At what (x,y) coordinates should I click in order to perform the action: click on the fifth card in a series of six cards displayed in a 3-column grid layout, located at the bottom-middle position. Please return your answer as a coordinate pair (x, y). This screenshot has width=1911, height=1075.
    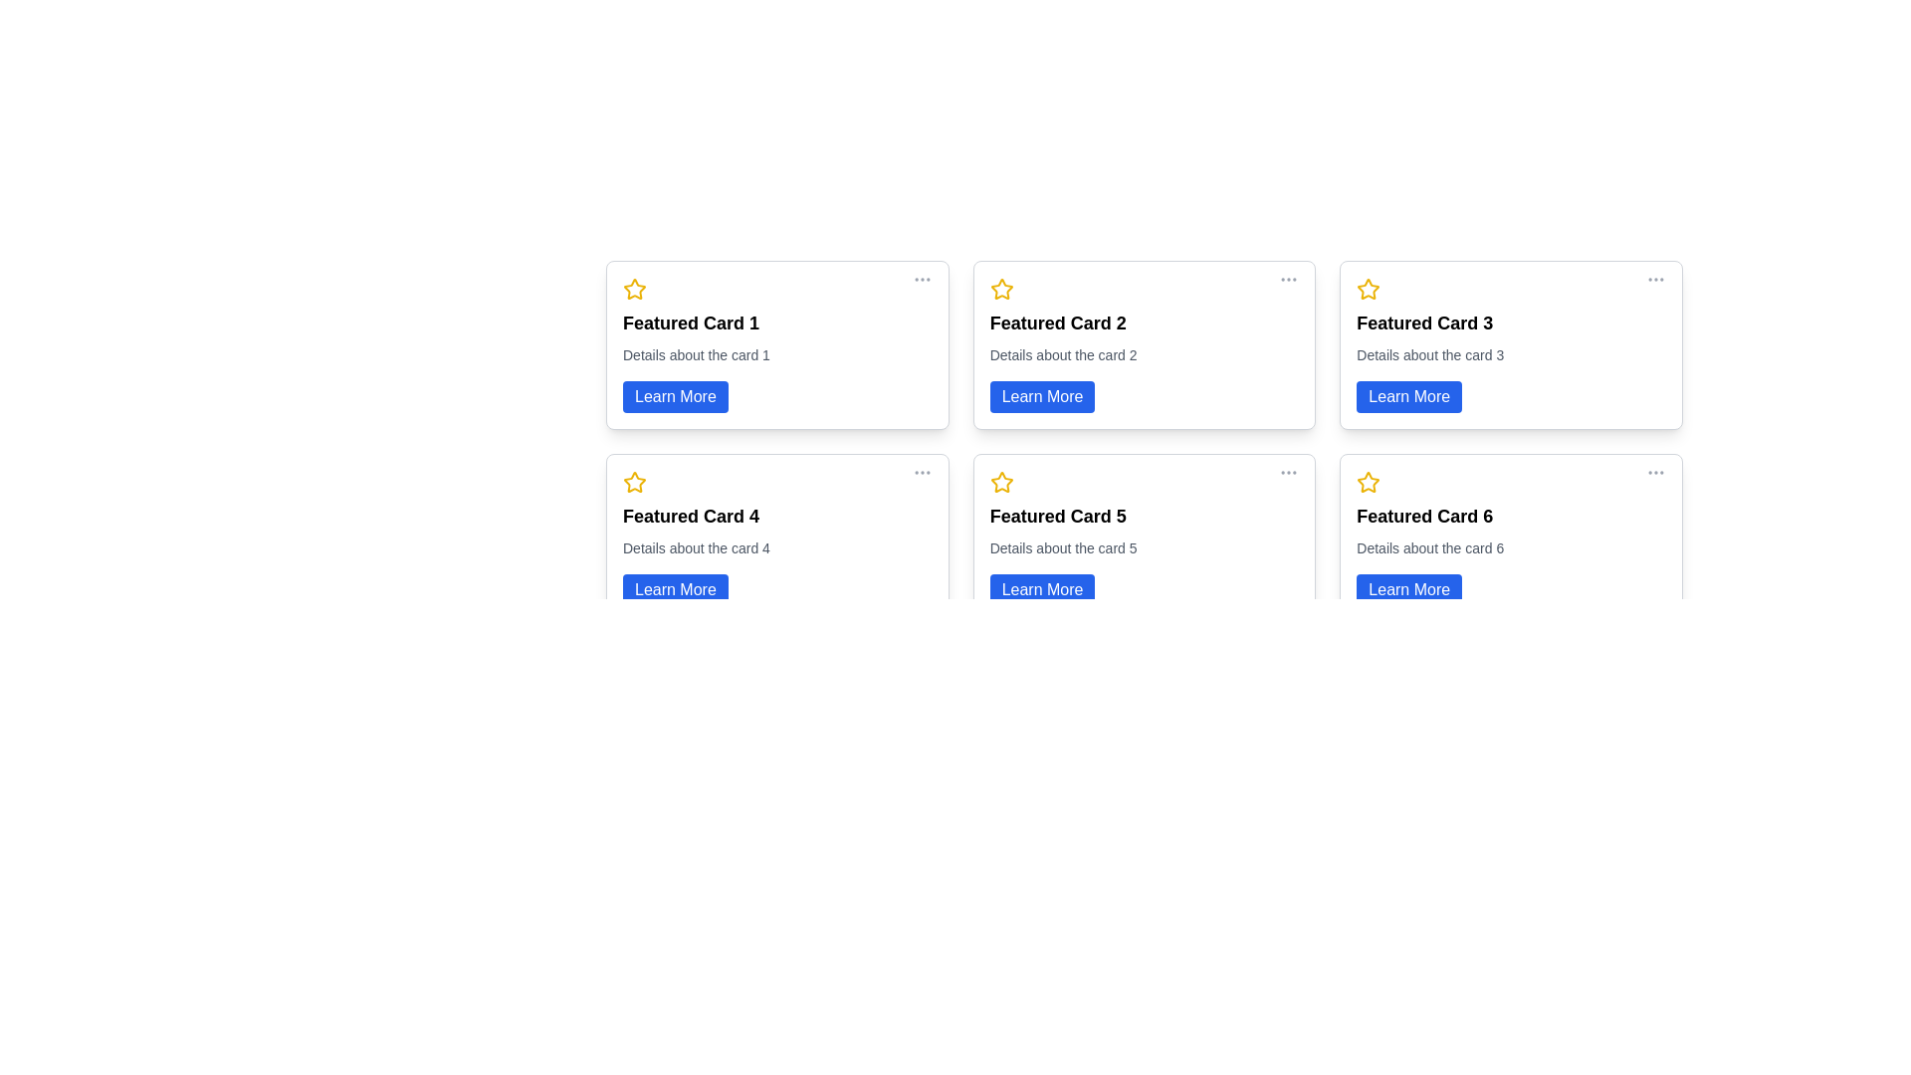
    Looking at the image, I should click on (1145, 537).